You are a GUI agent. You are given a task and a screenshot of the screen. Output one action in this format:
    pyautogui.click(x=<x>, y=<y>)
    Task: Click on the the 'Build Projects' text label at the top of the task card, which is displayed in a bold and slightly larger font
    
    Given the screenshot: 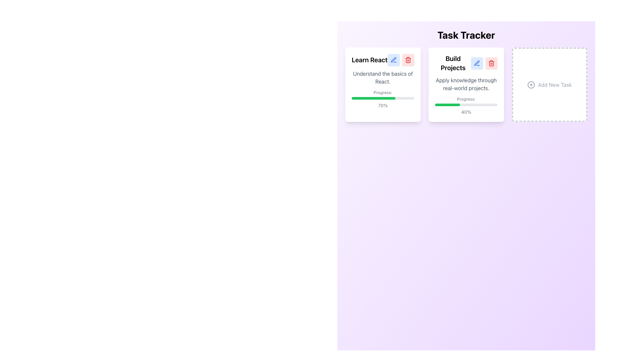 What is the action you would take?
    pyautogui.click(x=453, y=63)
    